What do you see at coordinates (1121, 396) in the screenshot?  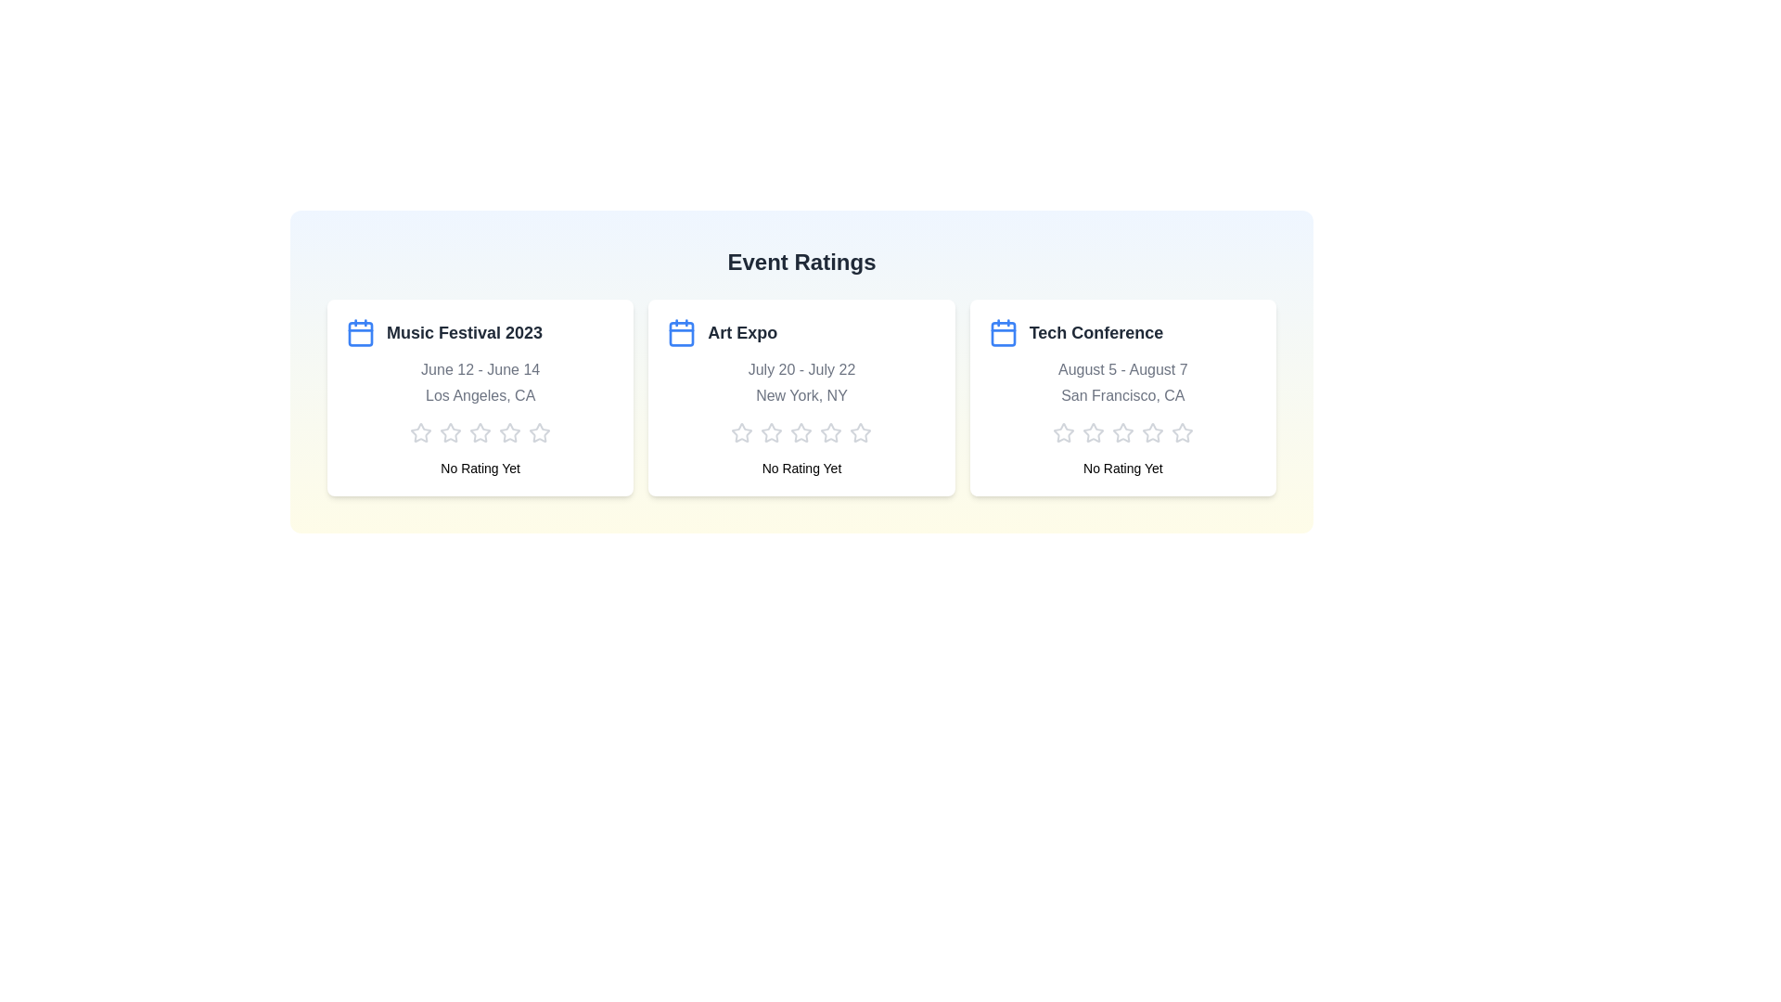 I see `the container element corresponding to Tech Conference` at bounding box center [1121, 396].